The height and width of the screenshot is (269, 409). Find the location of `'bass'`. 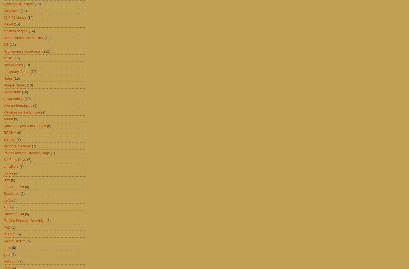

'bass' is located at coordinates (7, 247).